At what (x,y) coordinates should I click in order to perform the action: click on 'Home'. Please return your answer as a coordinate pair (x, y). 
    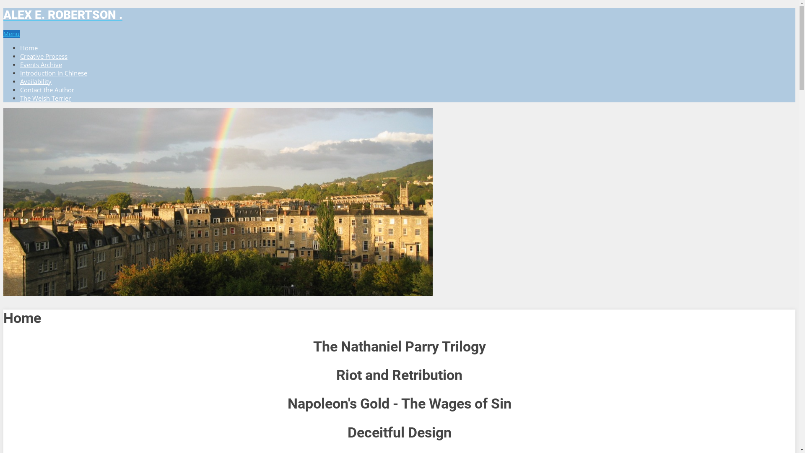
    Looking at the image, I should click on (29, 48).